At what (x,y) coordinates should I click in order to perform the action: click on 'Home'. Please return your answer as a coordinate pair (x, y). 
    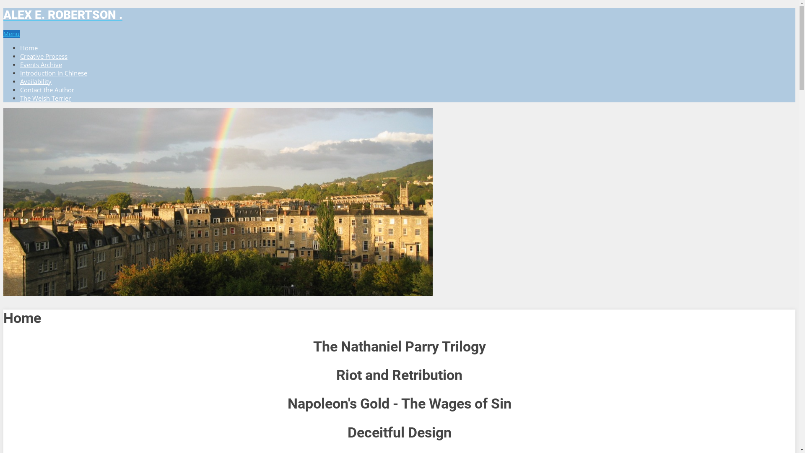
    Looking at the image, I should click on (29, 48).